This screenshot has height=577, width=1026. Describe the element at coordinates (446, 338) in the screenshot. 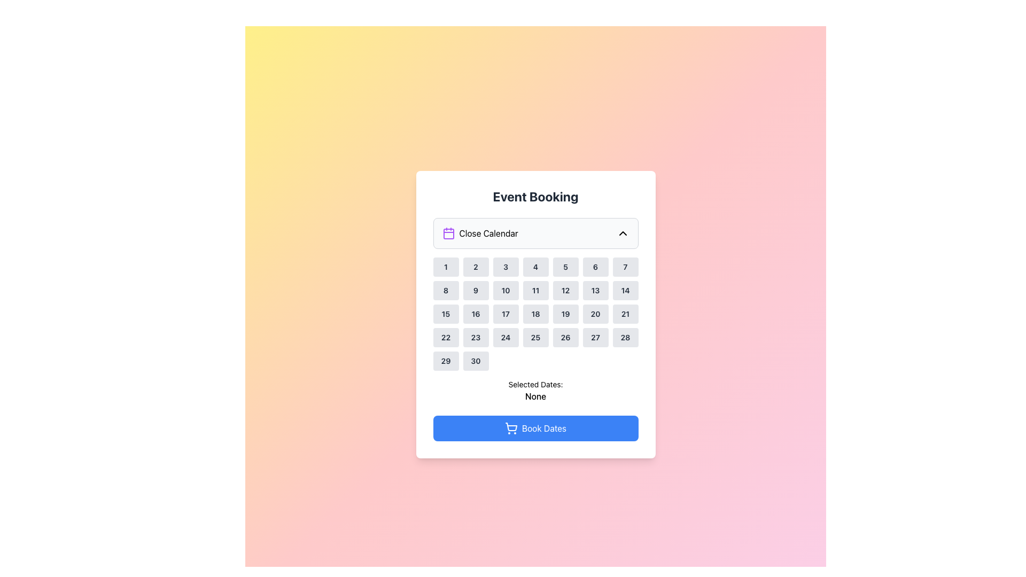

I see `the calendar day selector button for date '22' located in the 4th row and 1st column of the grid under 'Event Booking'` at that location.